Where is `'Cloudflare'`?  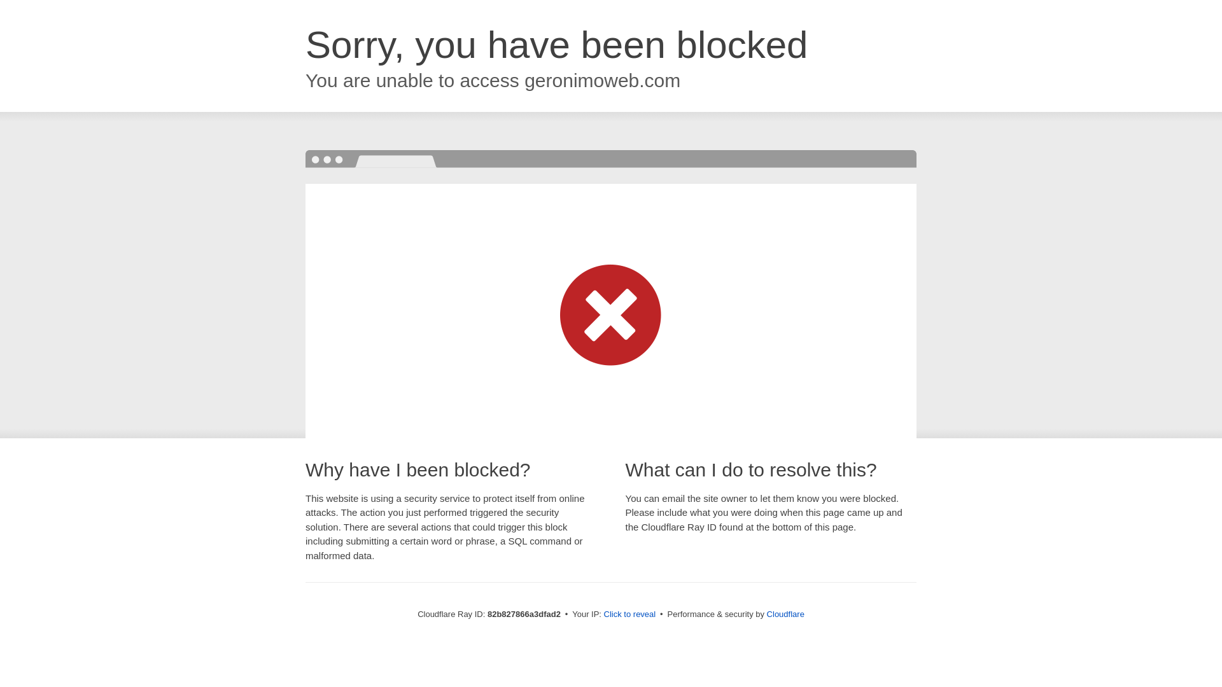
'Cloudflare' is located at coordinates (785, 613).